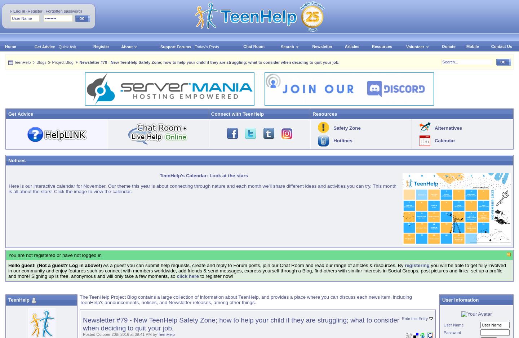  I want to click on 'Here is our interactive calendar for November. Our theme this year is about connecting through nature and each month we'll share different ideas and activities you can try. This month is all about the stars! Click the image to view the calendar.', so click(8, 188).